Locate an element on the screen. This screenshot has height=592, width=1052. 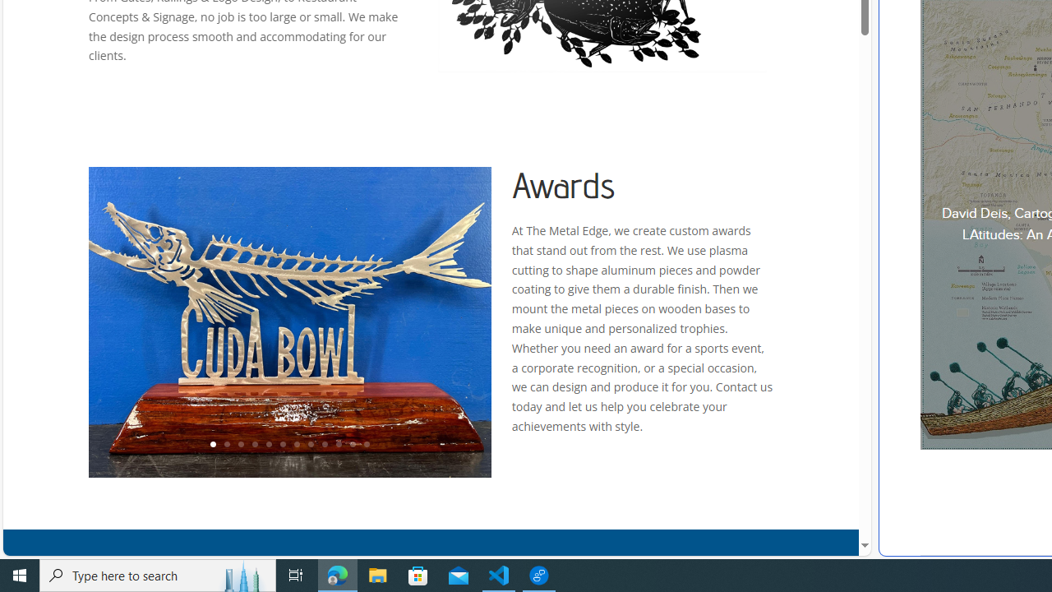
'11' is located at coordinates (351, 445).